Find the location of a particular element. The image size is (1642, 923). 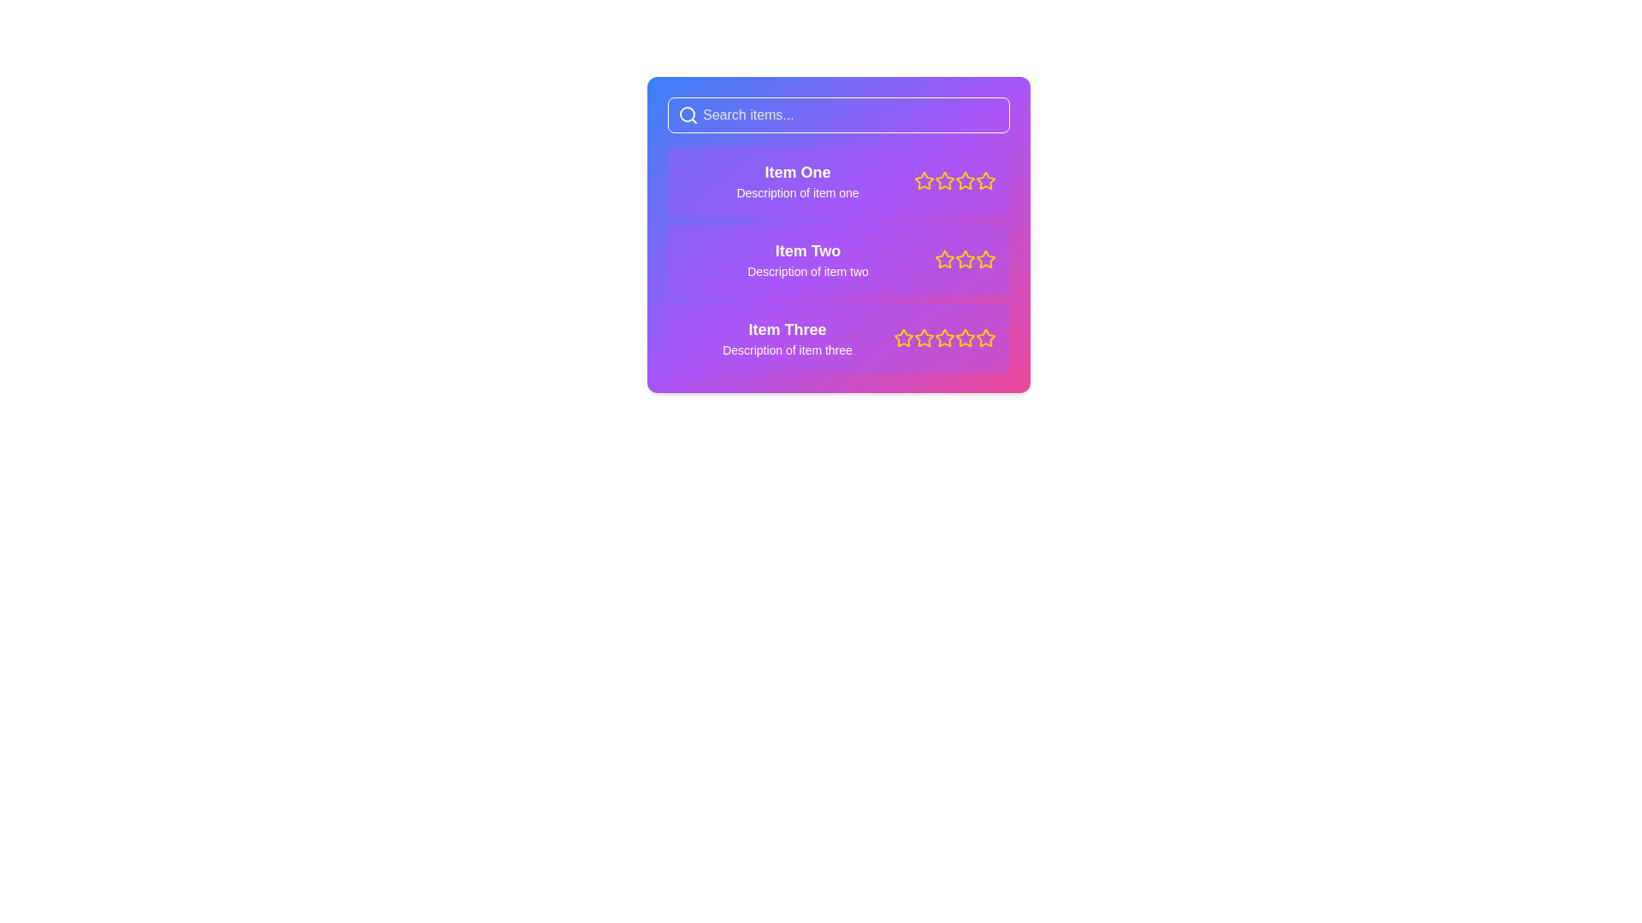

the fourth star icon in the rating row for 'Item Three' to visually assess or input a rating is located at coordinates (943, 338).